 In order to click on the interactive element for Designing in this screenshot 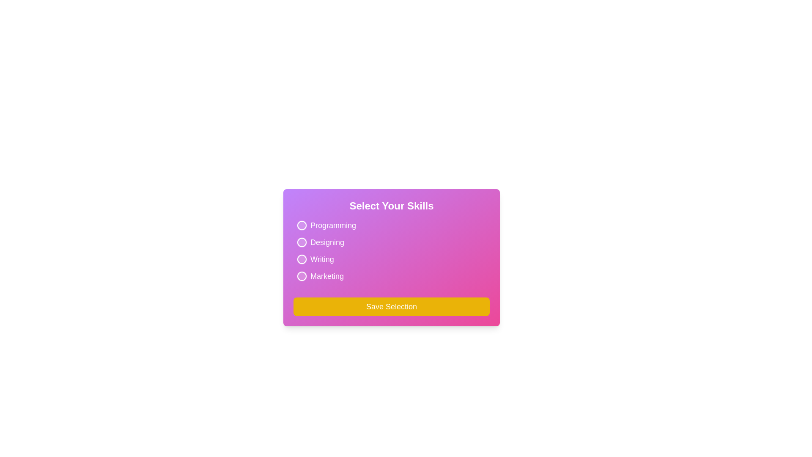, I will do `click(318, 242)`.